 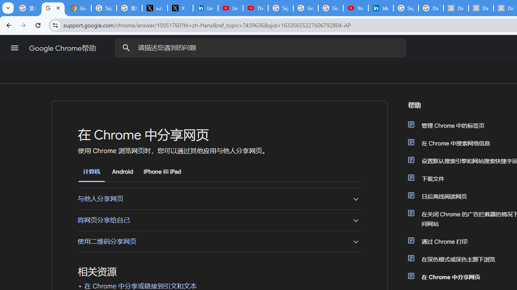 What do you see at coordinates (180, 8) in the screenshot?
I see `'X'` at bounding box center [180, 8].